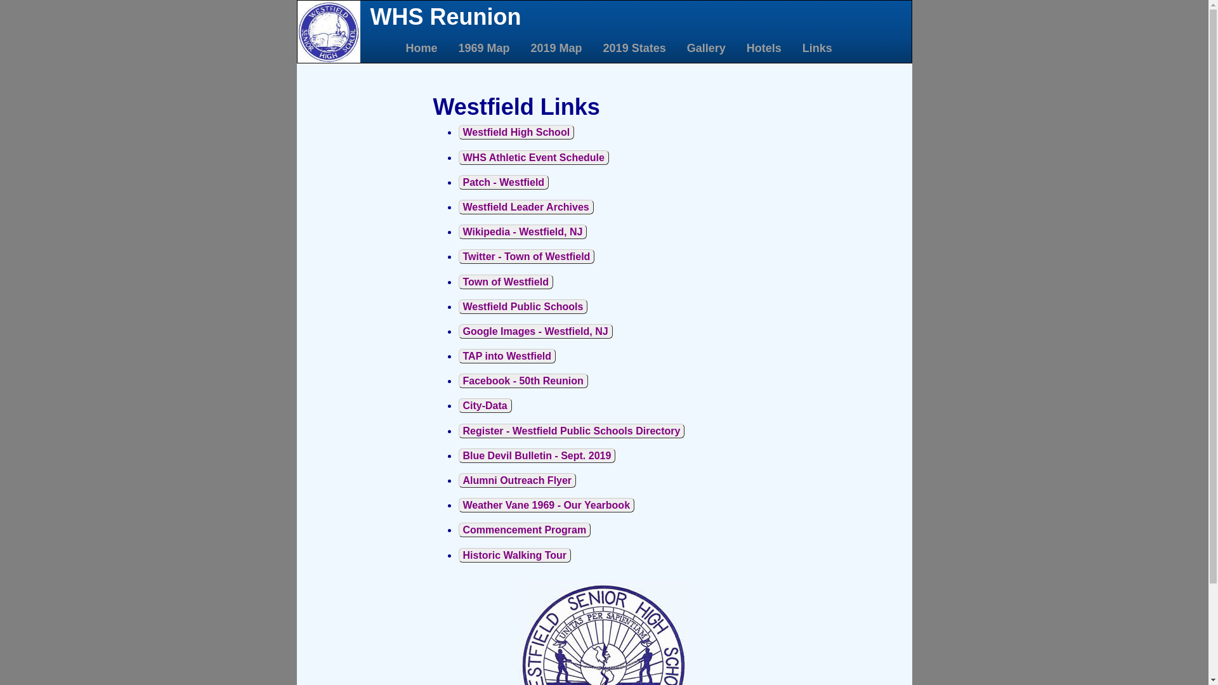 Image resolution: width=1218 pixels, height=685 pixels. What do you see at coordinates (535, 330) in the screenshot?
I see `'Google Images - Westfield, NJ'` at bounding box center [535, 330].